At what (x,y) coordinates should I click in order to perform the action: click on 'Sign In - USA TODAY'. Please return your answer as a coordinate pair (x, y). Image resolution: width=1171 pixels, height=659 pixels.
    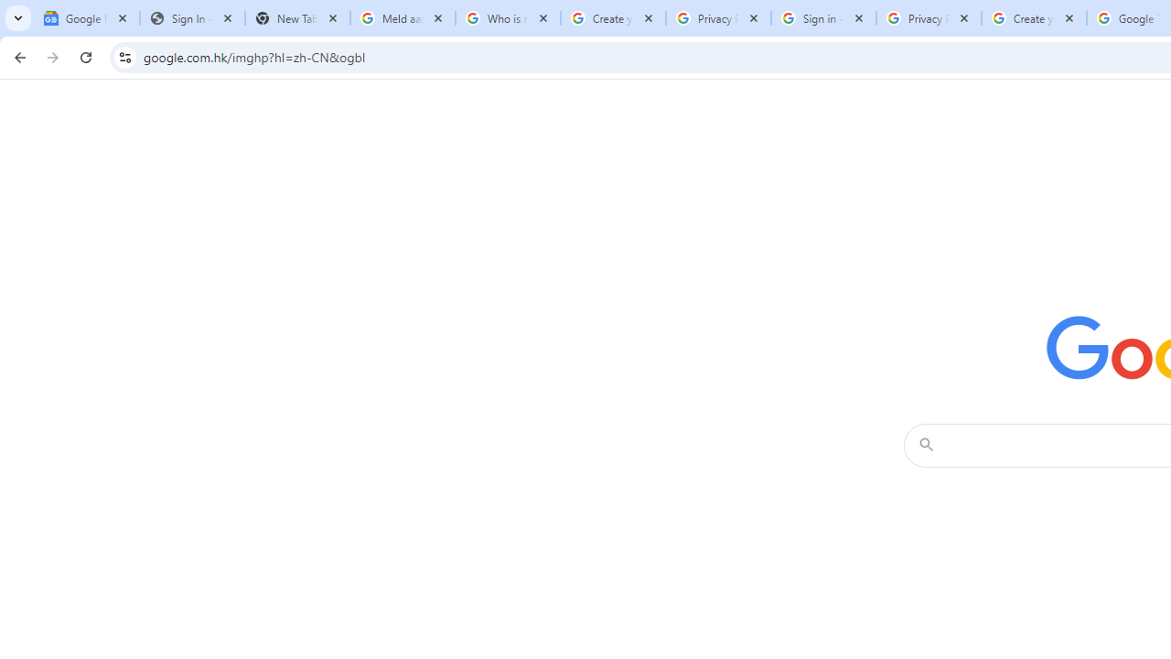
    Looking at the image, I should click on (191, 18).